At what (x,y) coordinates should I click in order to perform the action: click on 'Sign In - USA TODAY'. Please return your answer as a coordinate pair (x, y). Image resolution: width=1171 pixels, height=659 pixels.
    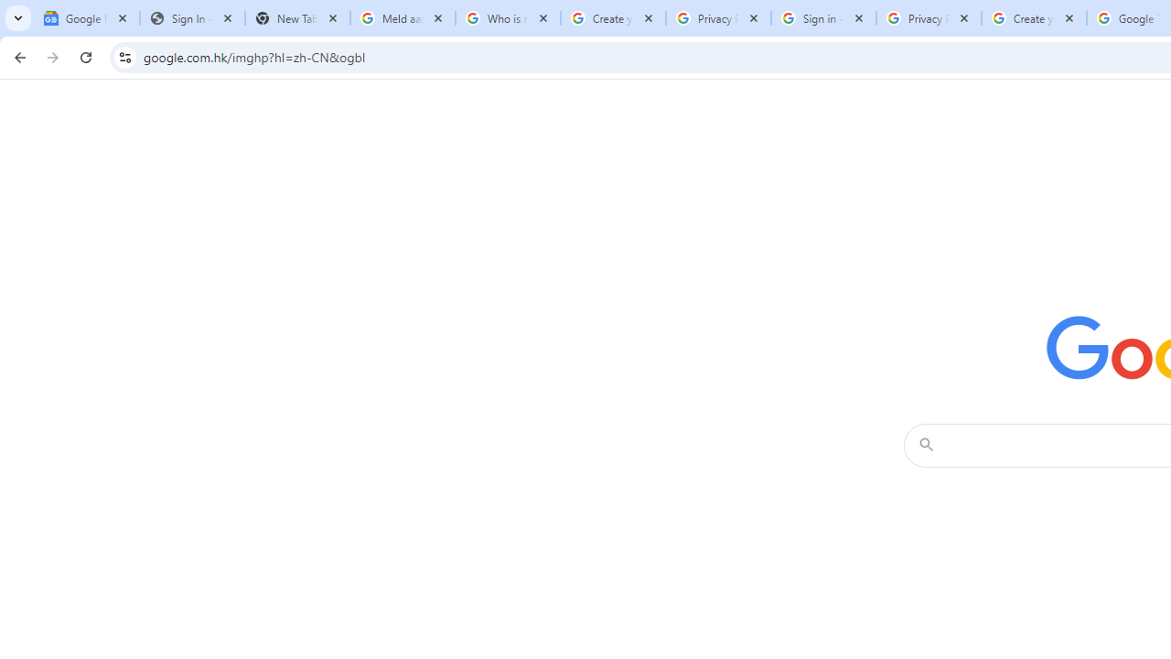
    Looking at the image, I should click on (191, 18).